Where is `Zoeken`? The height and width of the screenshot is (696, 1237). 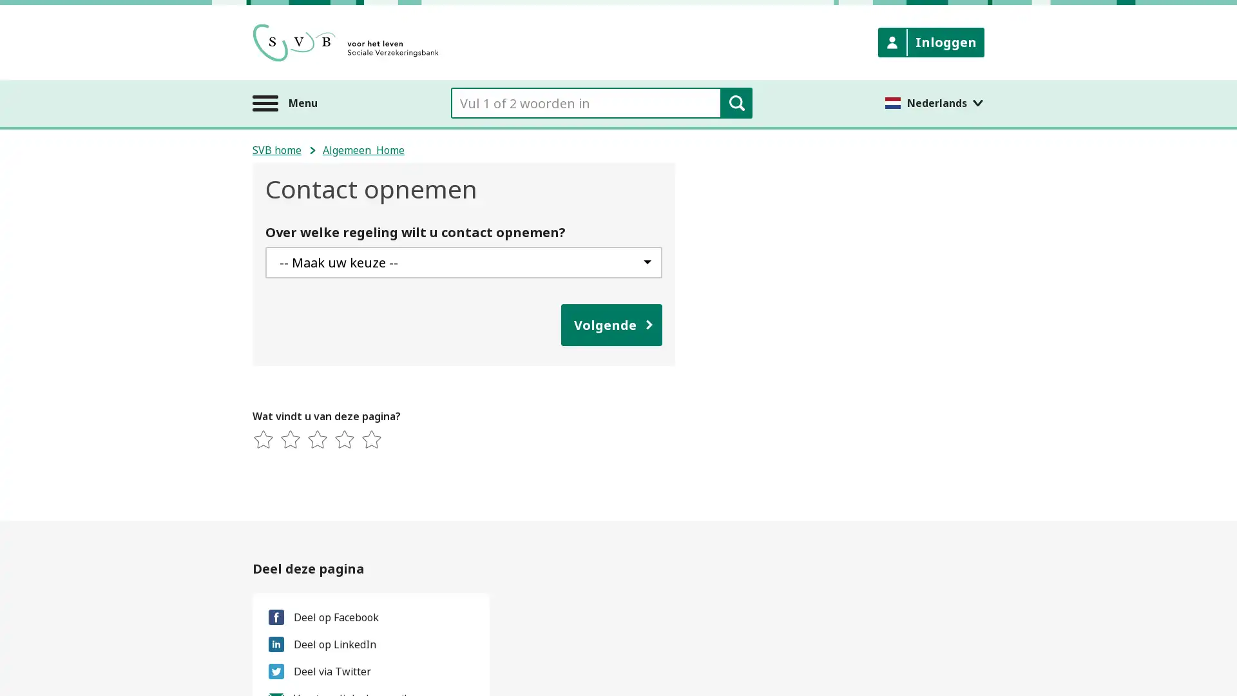
Zoeken is located at coordinates (736, 102).